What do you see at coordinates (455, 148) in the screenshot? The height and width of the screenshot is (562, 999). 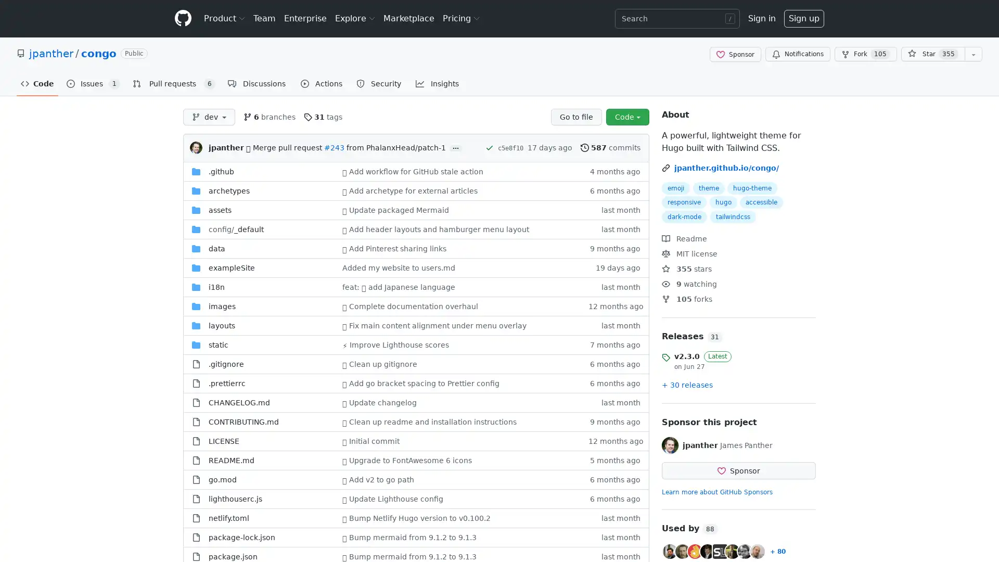 I see `...` at bounding box center [455, 148].